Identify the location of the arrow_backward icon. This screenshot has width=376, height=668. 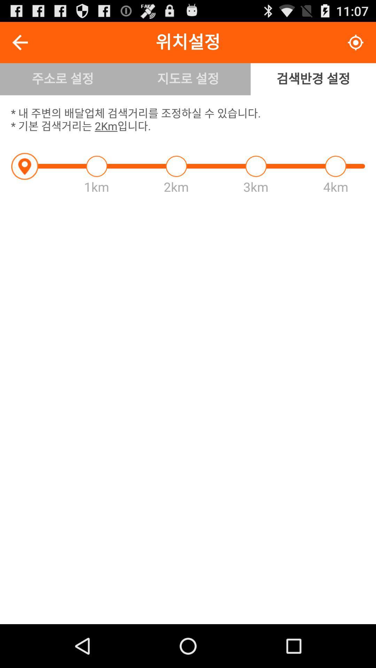
(20, 45).